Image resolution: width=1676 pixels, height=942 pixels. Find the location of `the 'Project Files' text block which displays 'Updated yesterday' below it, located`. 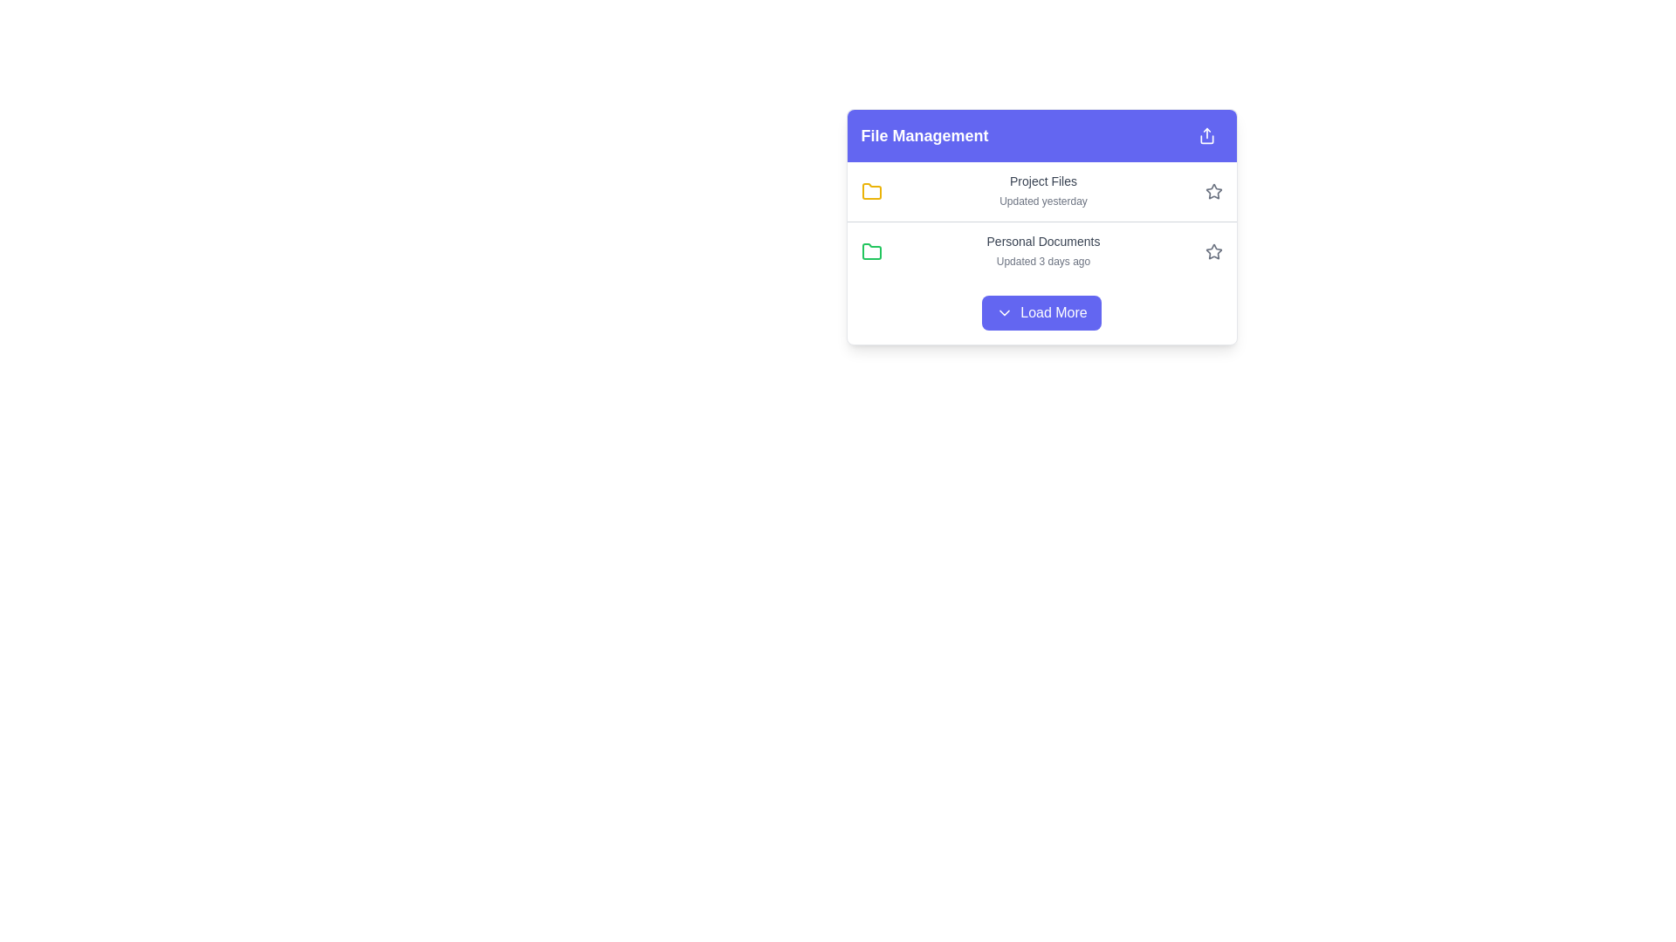

the 'Project Files' text block which displays 'Updated yesterday' below it, located is located at coordinates (1043, 191).